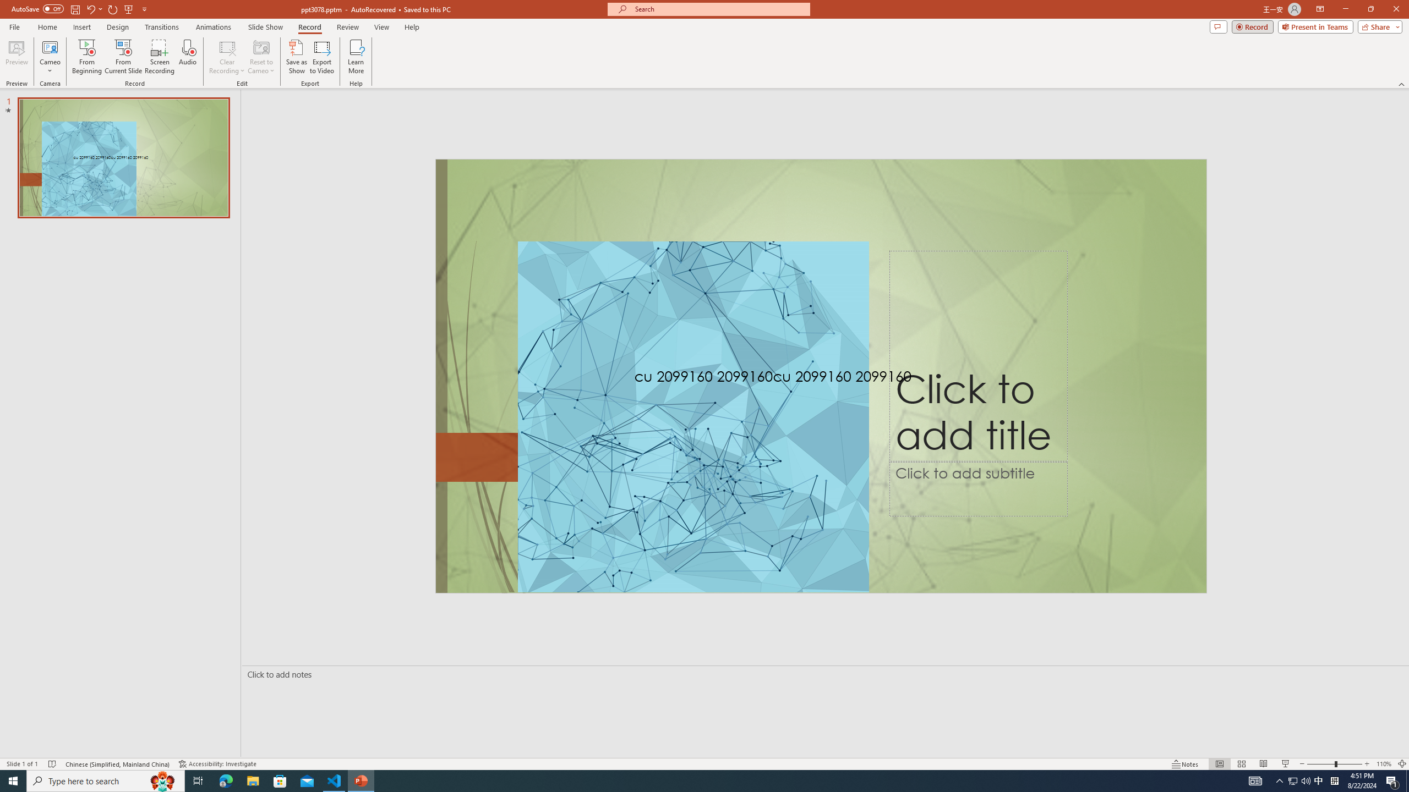 The image size is (1409, 792). What do you see at coordinates (260, 57) in the screenshot?
I see `'Reset to Cameo'` at bounding box center [260, 57].